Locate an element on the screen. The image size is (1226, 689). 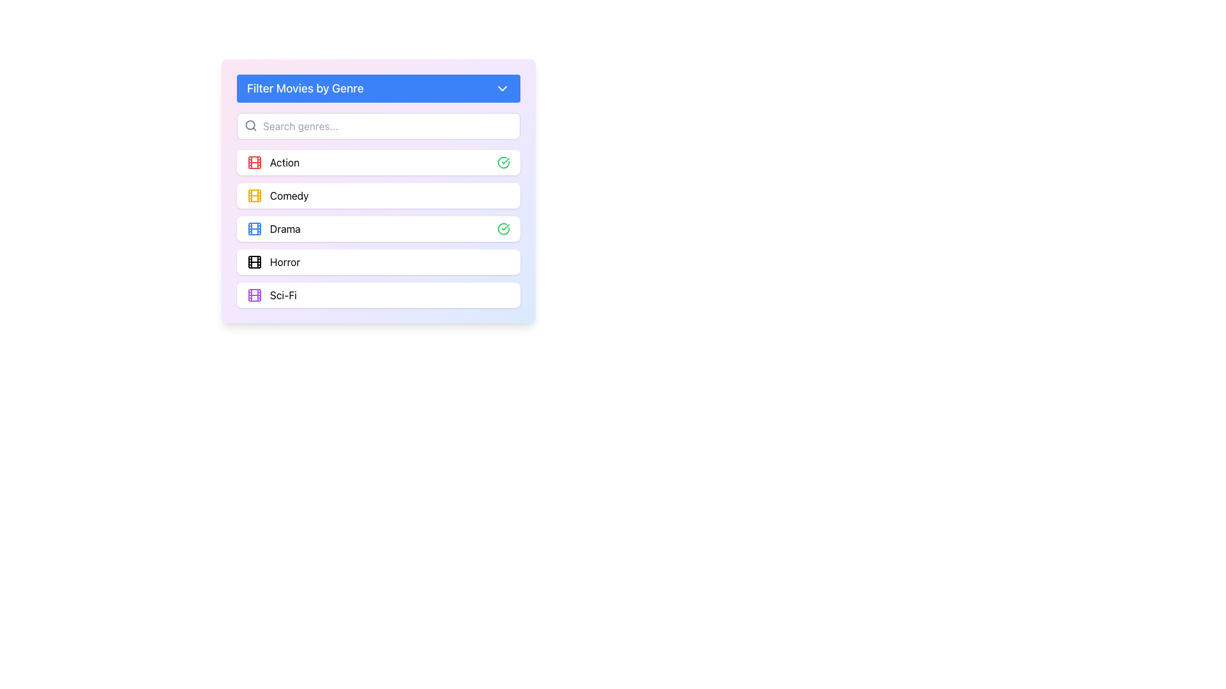
the selectable genre 'Sci-Fi' in the 'Filter Movies by Genre' list is located at coordinates (378, 295).